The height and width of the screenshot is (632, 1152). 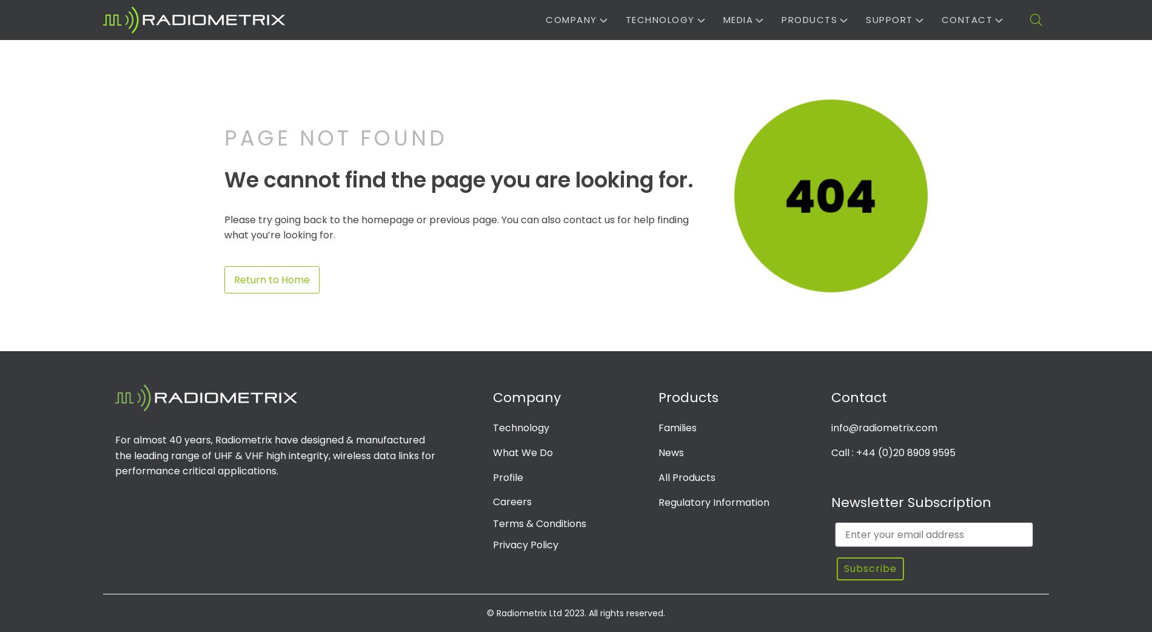 I want to click on 'Medical', so click(x=747, y=173).